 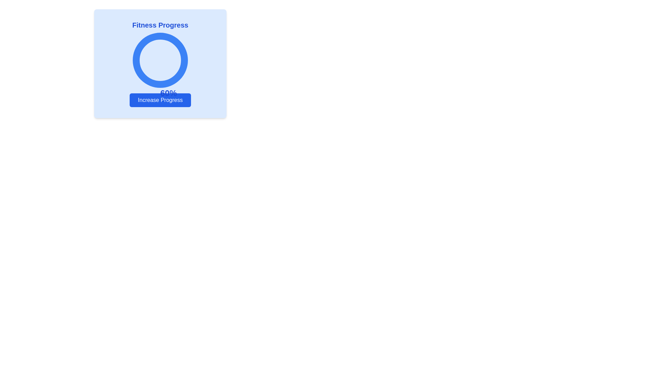 What do you see at coordinates (160, 60) in the screenshot?
I see `the Circular Progress Bar displaying '60%' within the card labeled 'Fitness Progress'` at bounding box center [160, 60].